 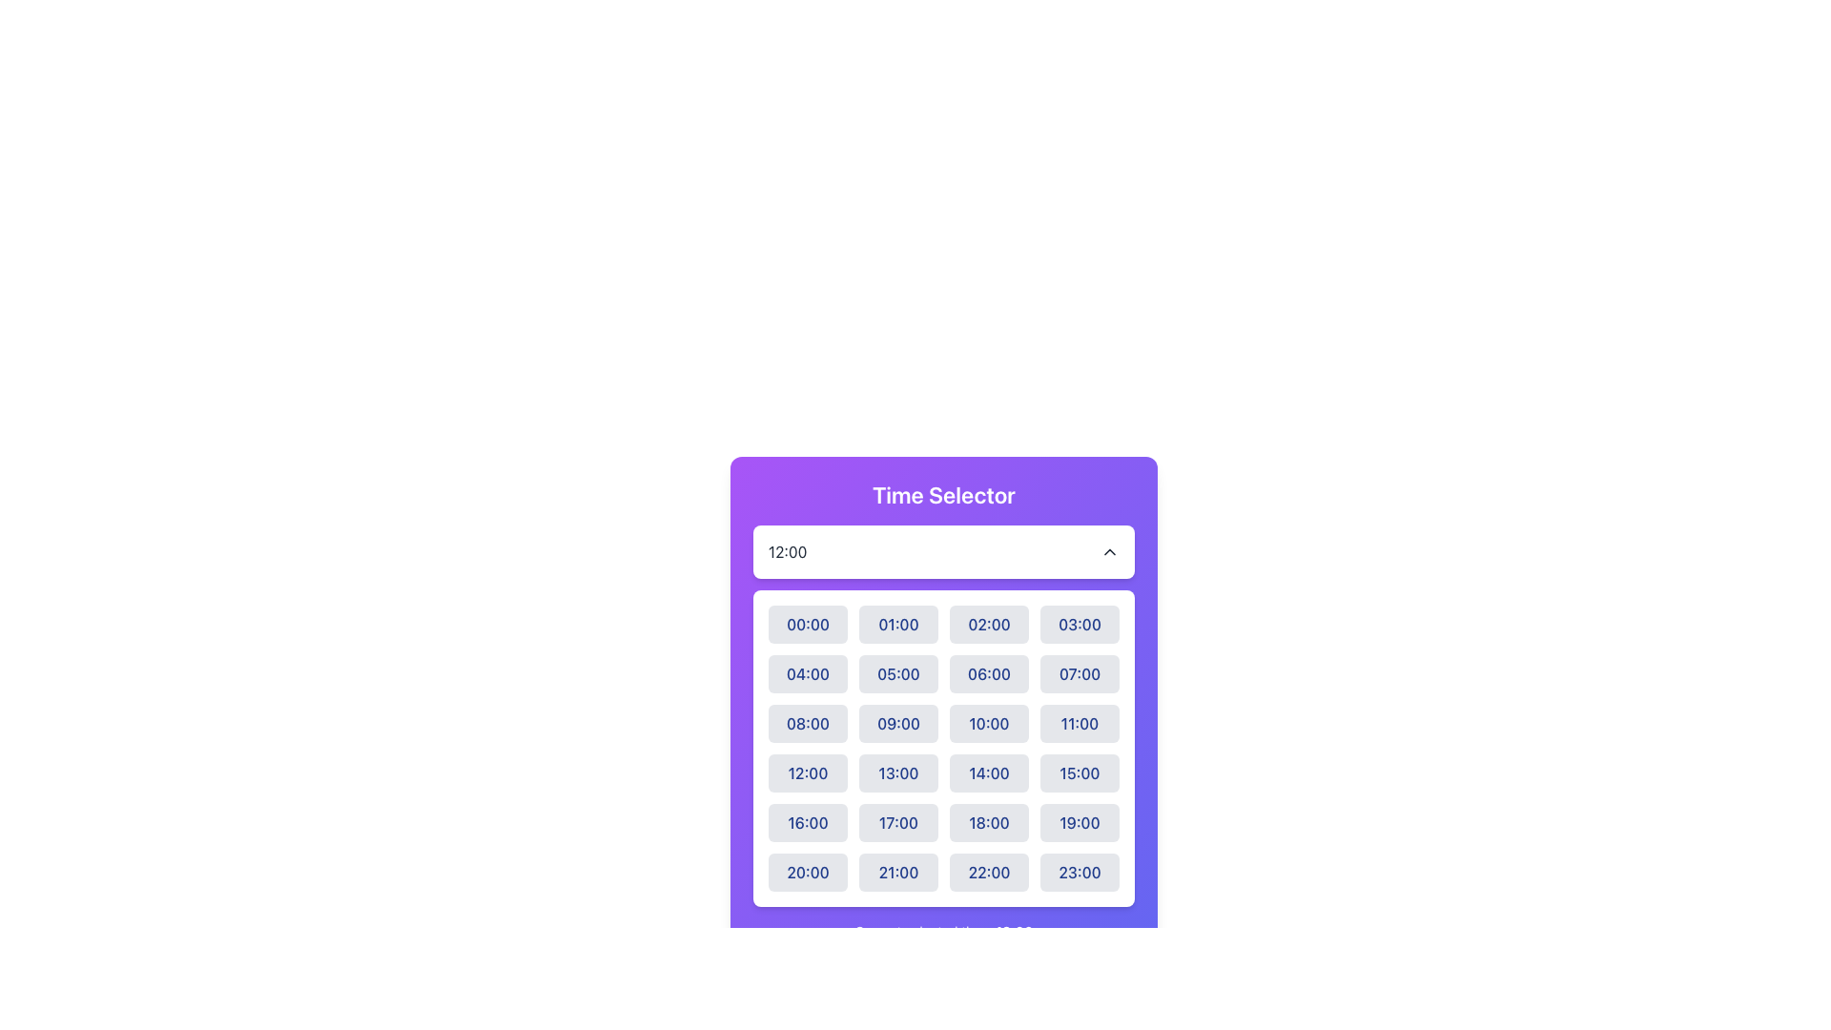 I want to click on the dropdown menu displaying '12:00', so click(x=943, y=551).